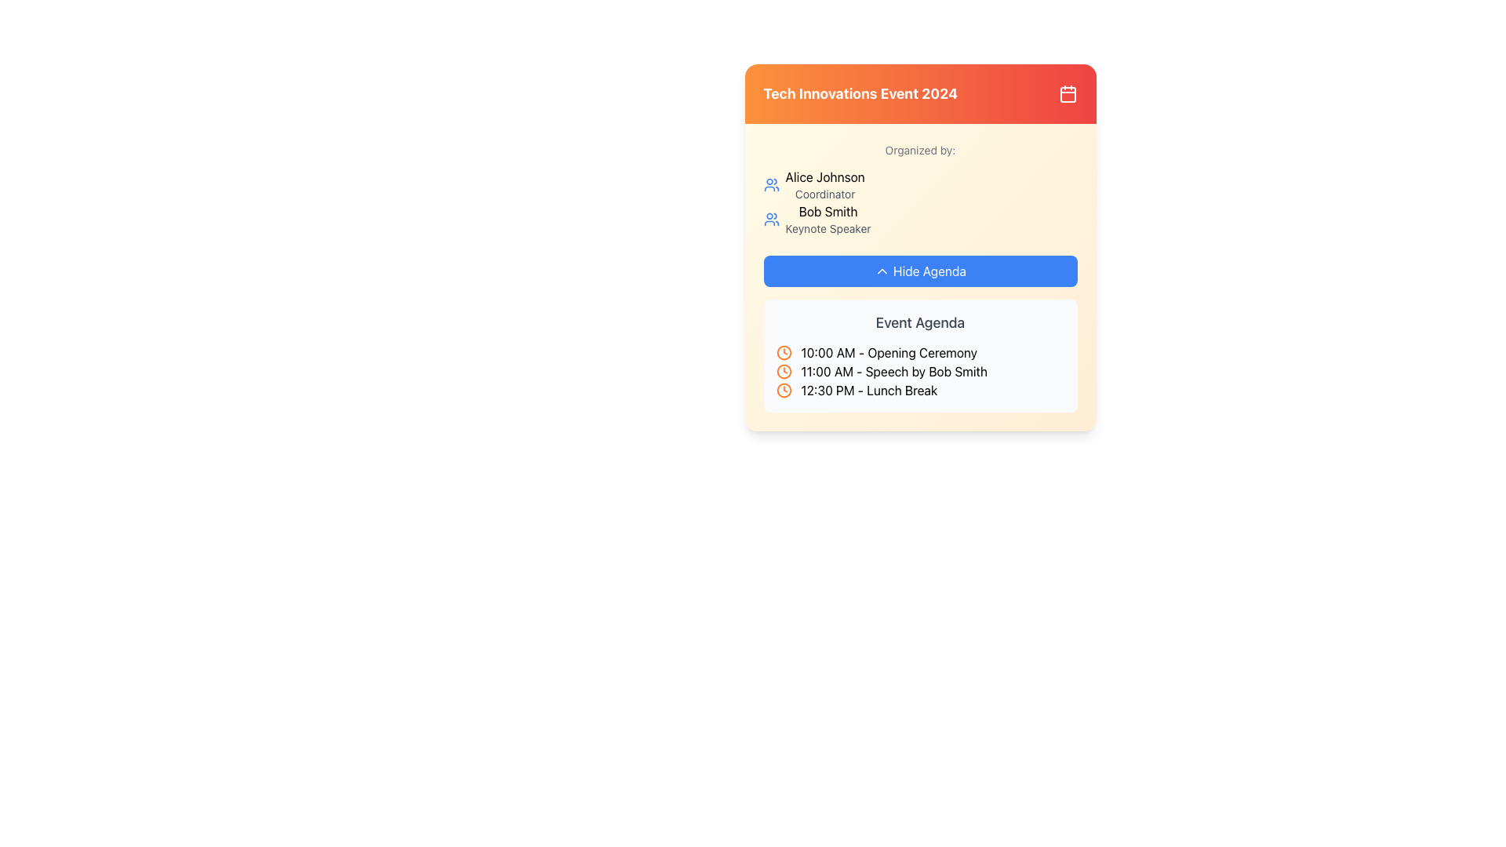 The image size is (1506, 847). I want to click on the Static Text Label displaying 'Bob Smith', which is positioned above 'Keynote Speaker' and below 'Alice Johnson - Coordinator', to select the text, so click(828, 212).